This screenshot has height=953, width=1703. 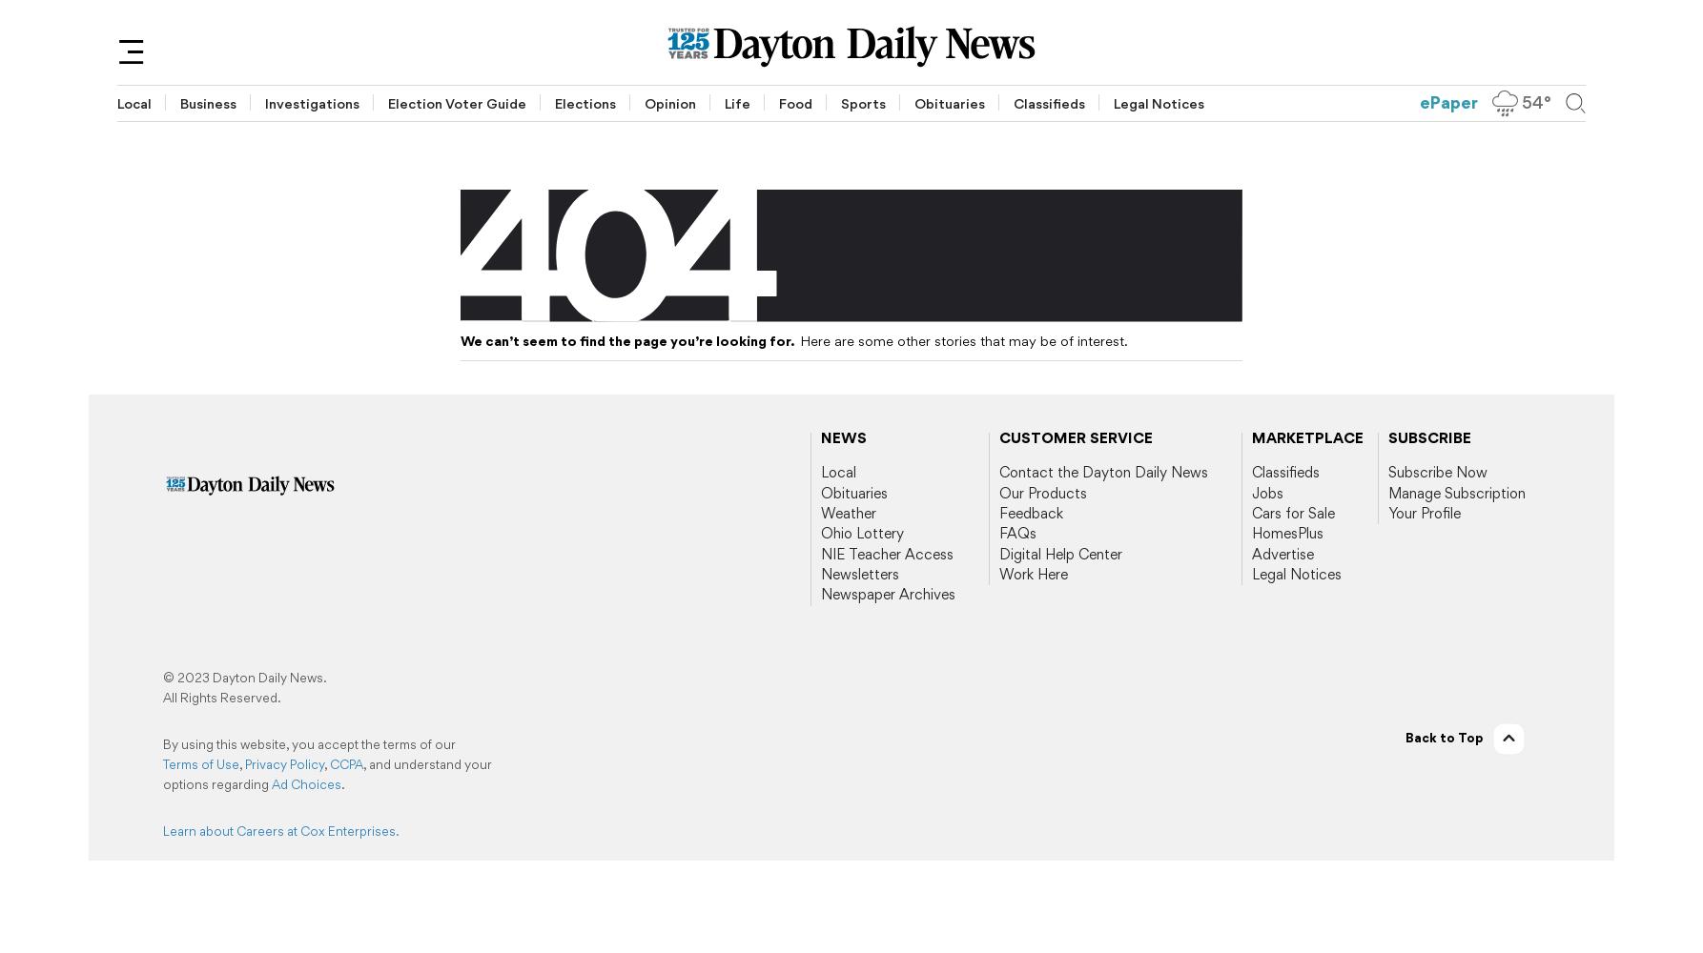 What do you see at coordinates (1102, 472) in the screenshot?
I see `'Contact the Dayton Daily News'` at bounding box center [1102, 472].